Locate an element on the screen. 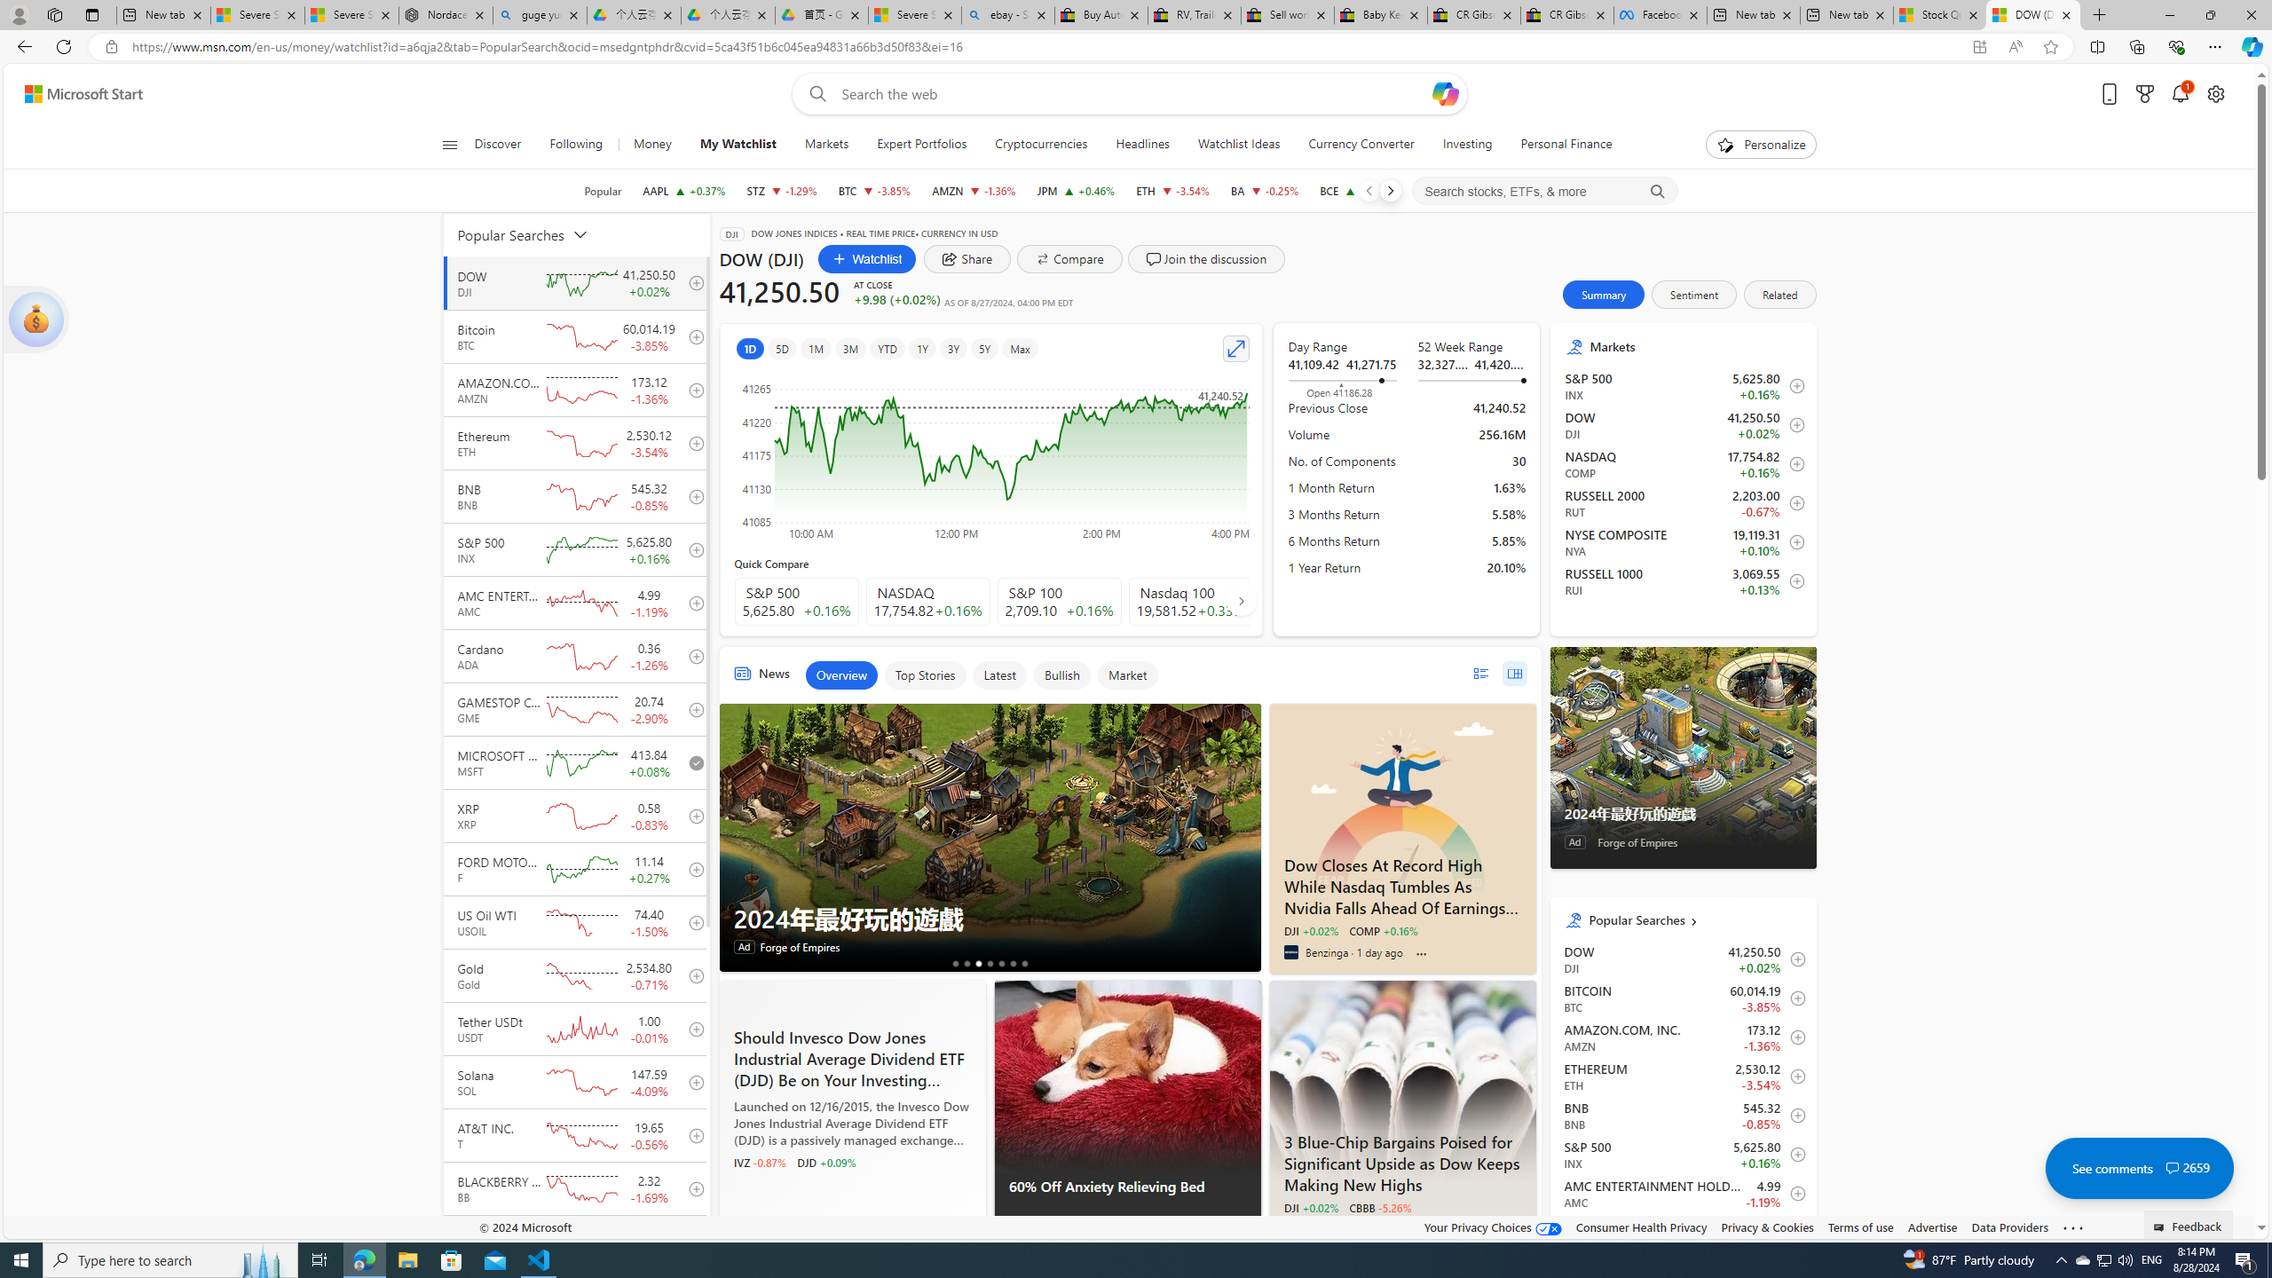  'Notifications' is located at coordinates (2181, 94).